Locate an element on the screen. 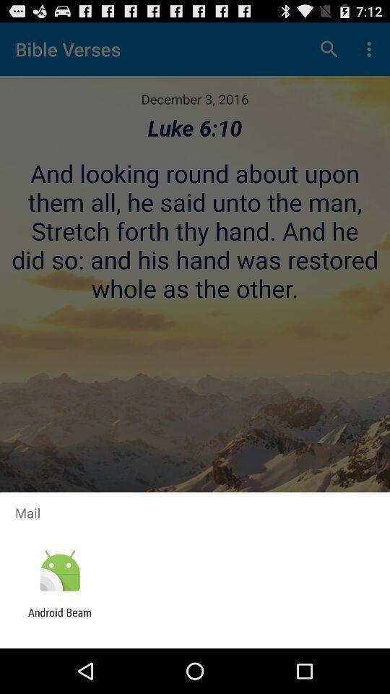 The image size is (390, 694). the icon above android beam icon is located at coordinates (59, 571).